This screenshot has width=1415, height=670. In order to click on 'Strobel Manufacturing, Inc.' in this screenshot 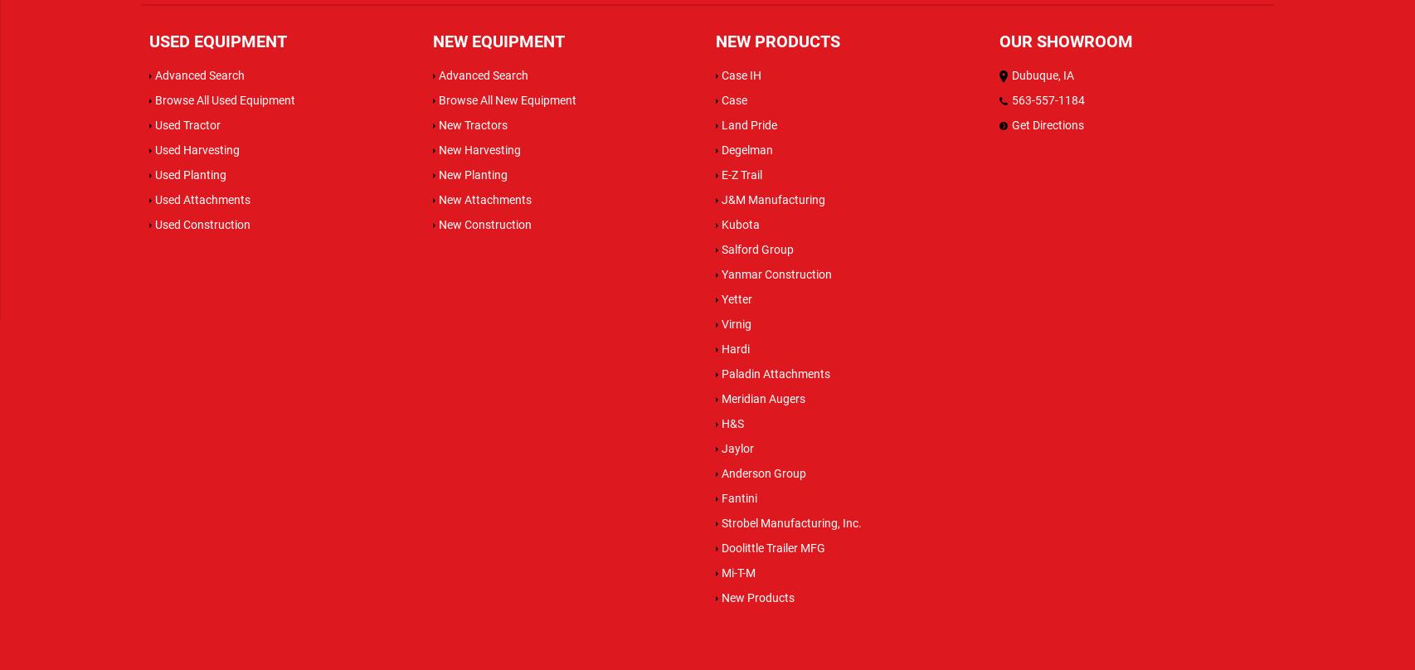, I will do `click(722, 522)`.